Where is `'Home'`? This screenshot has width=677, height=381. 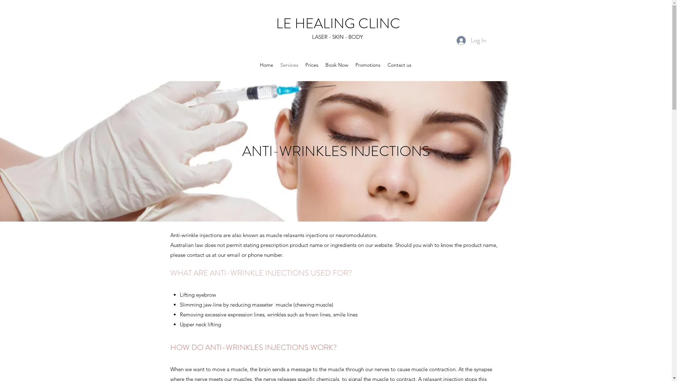
'Home' is located at coordinates (256, 65).